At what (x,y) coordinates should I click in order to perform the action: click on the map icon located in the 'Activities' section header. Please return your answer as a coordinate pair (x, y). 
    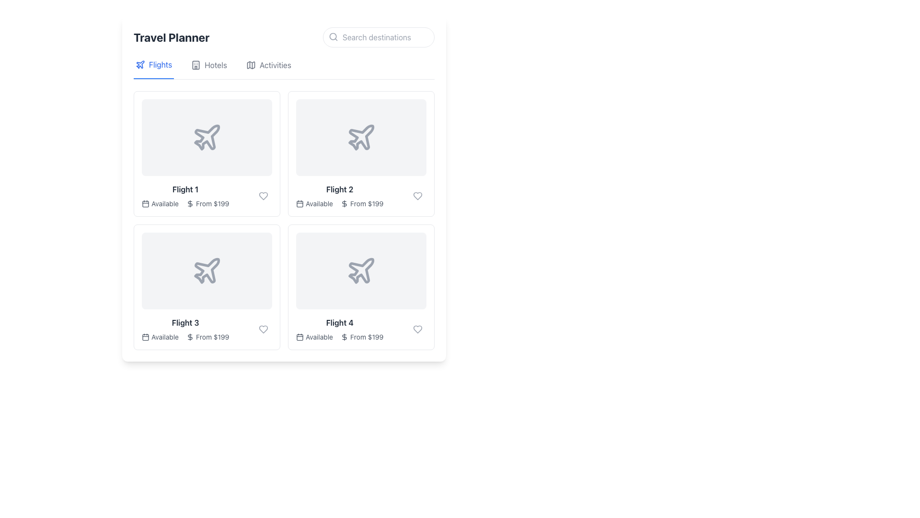
    Looking at the image, I should click on (251, 65).